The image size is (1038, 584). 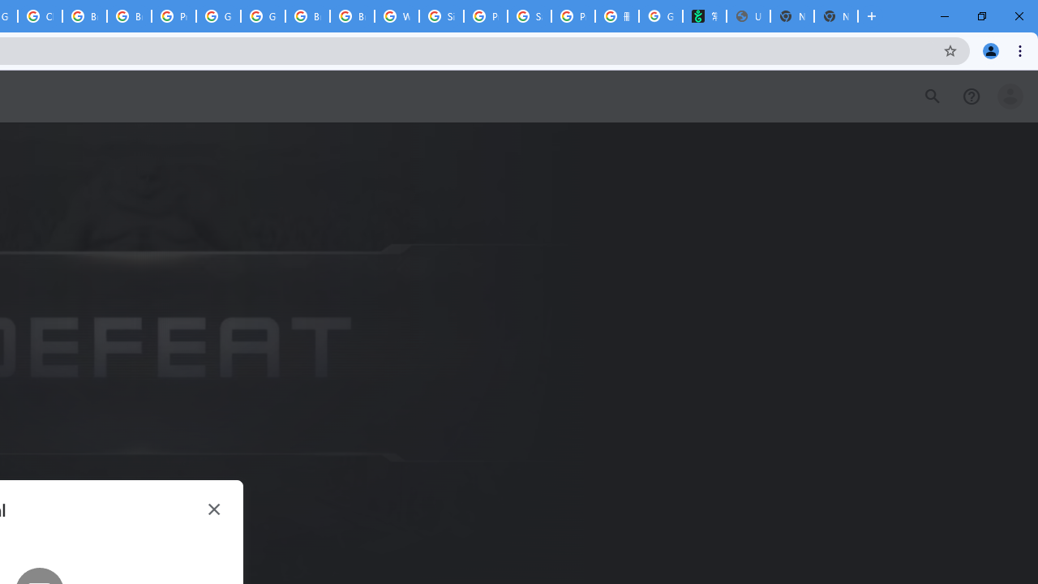 I want to click on 'New Tab', so click(x=836, y=16).